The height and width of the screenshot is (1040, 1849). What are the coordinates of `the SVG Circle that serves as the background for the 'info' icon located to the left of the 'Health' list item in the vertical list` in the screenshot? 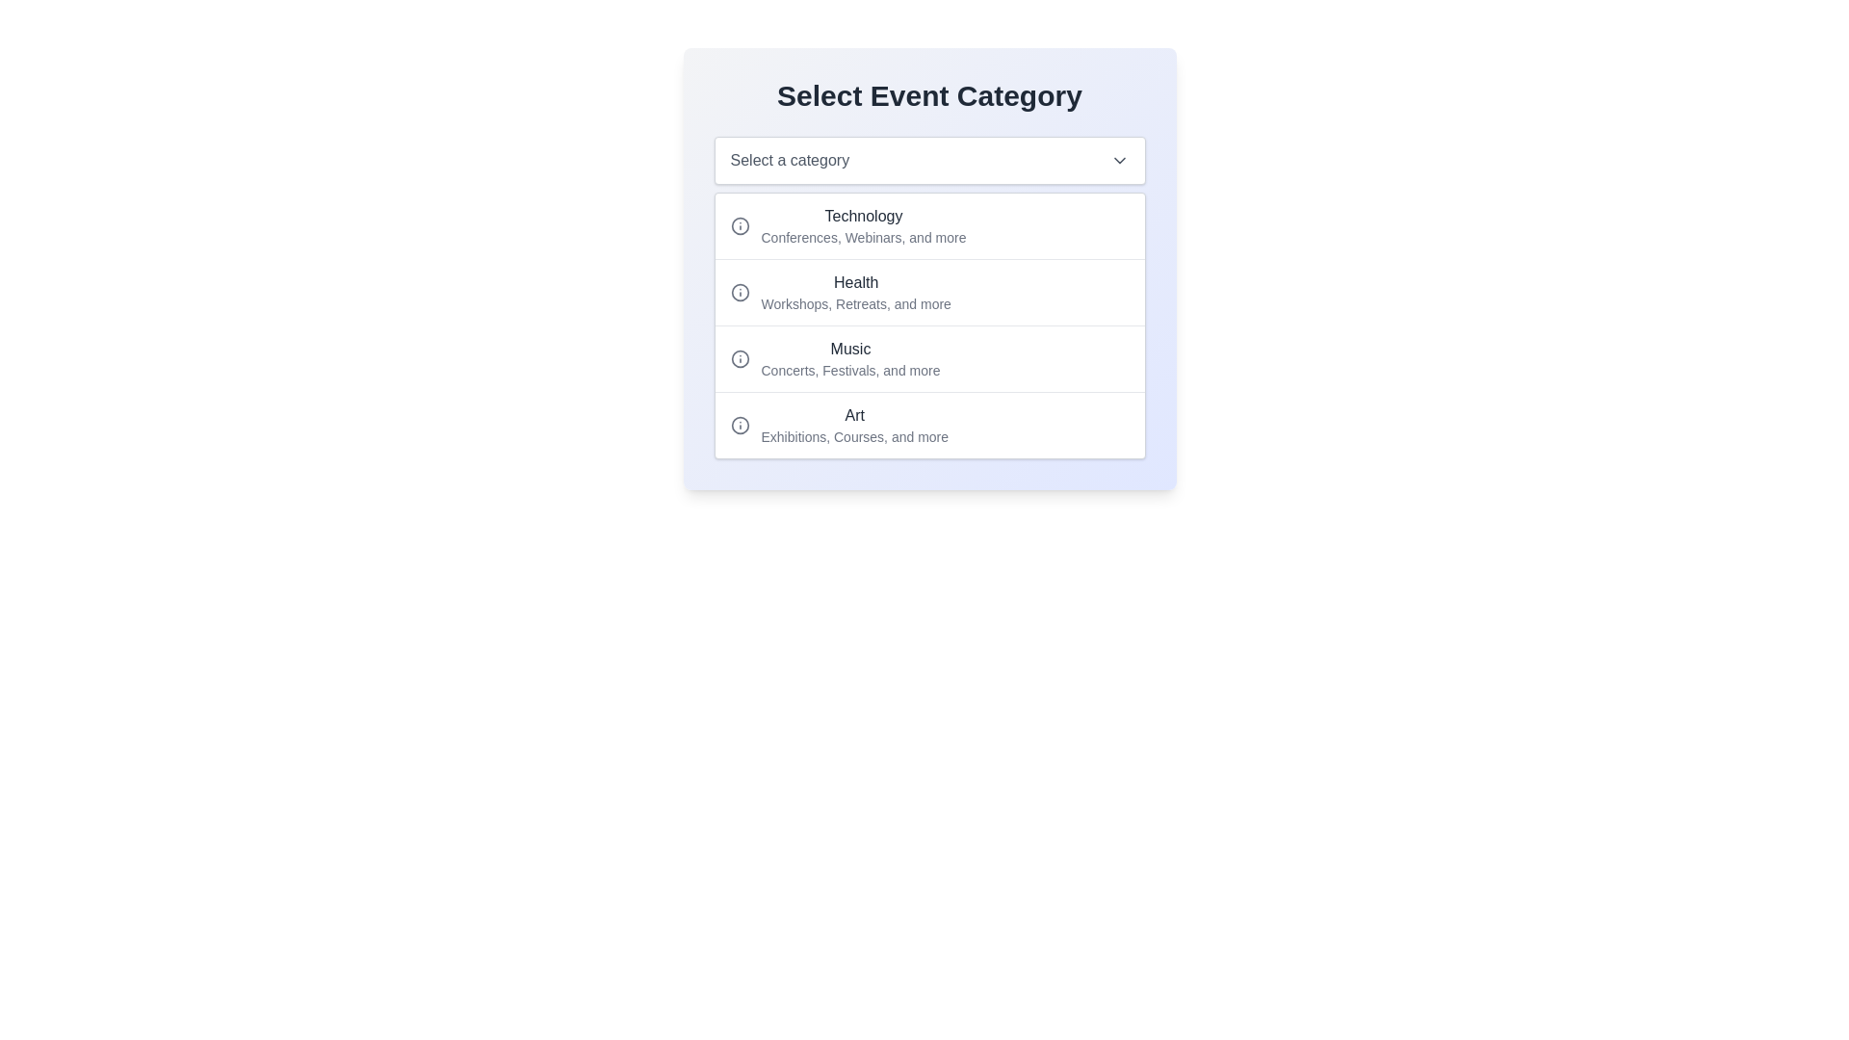 It's located at (739, 293).